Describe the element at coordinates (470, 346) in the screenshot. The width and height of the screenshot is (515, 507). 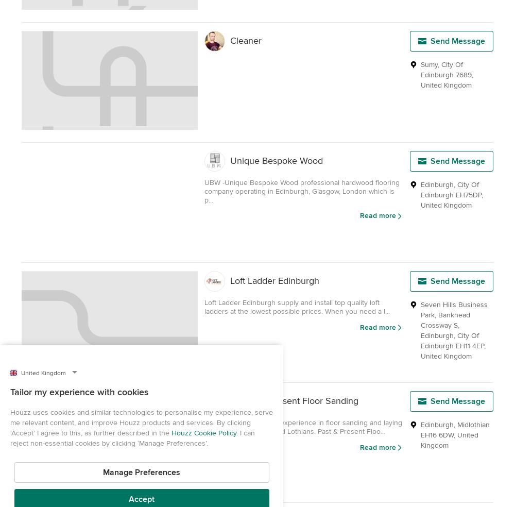
I see `'EH11 4EP'` at that location.